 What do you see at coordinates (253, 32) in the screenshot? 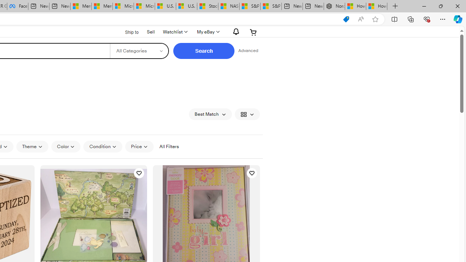
I see `'Your shopping cart'` at bounding box center [253, 32].